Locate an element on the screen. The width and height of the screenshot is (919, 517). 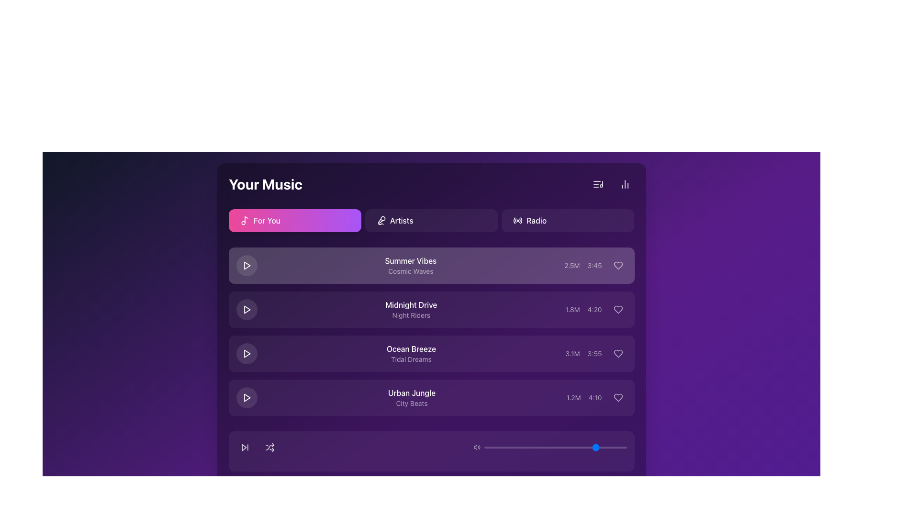
the third item is located at coordinates (431, 354).